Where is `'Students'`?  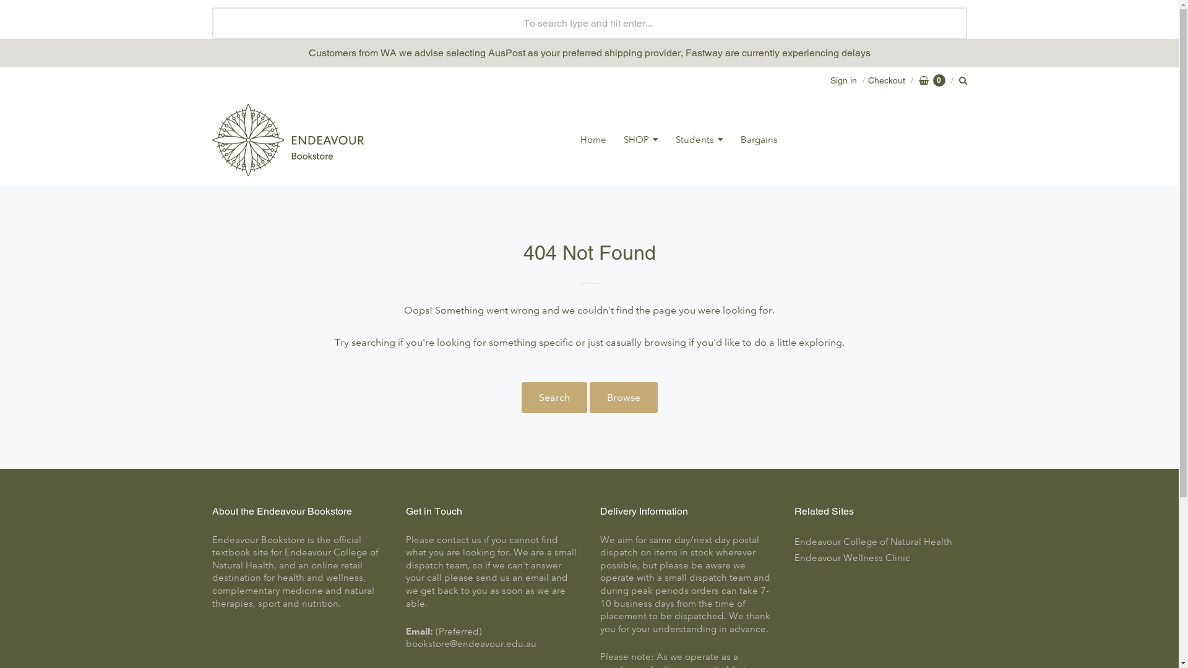
'Students' is located at coordinates (699, 139).